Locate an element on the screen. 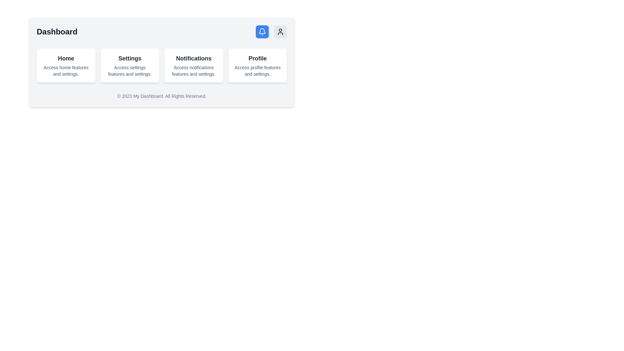 This screenshot has width=624, height=351. footer text that displays '© 2023 My Dashboard. All Rights Reserved.' located below the main content of the dashboard interface is located at coordinates (162, 96).